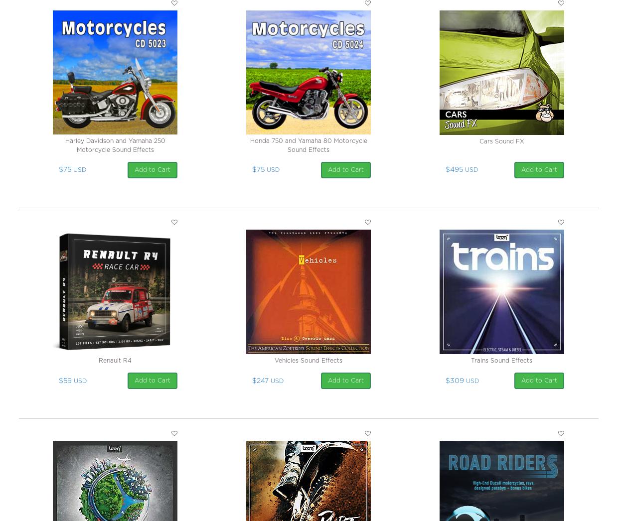 This screenshot has width=623, height=521. I want to click on 'Vehicles Sound Effects', so click(308, 361).